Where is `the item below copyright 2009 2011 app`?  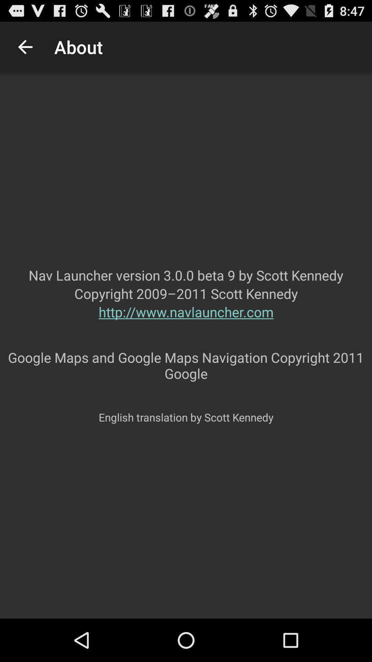 the item below copyright 2009 2011 app is located at coordinates (186, 325).